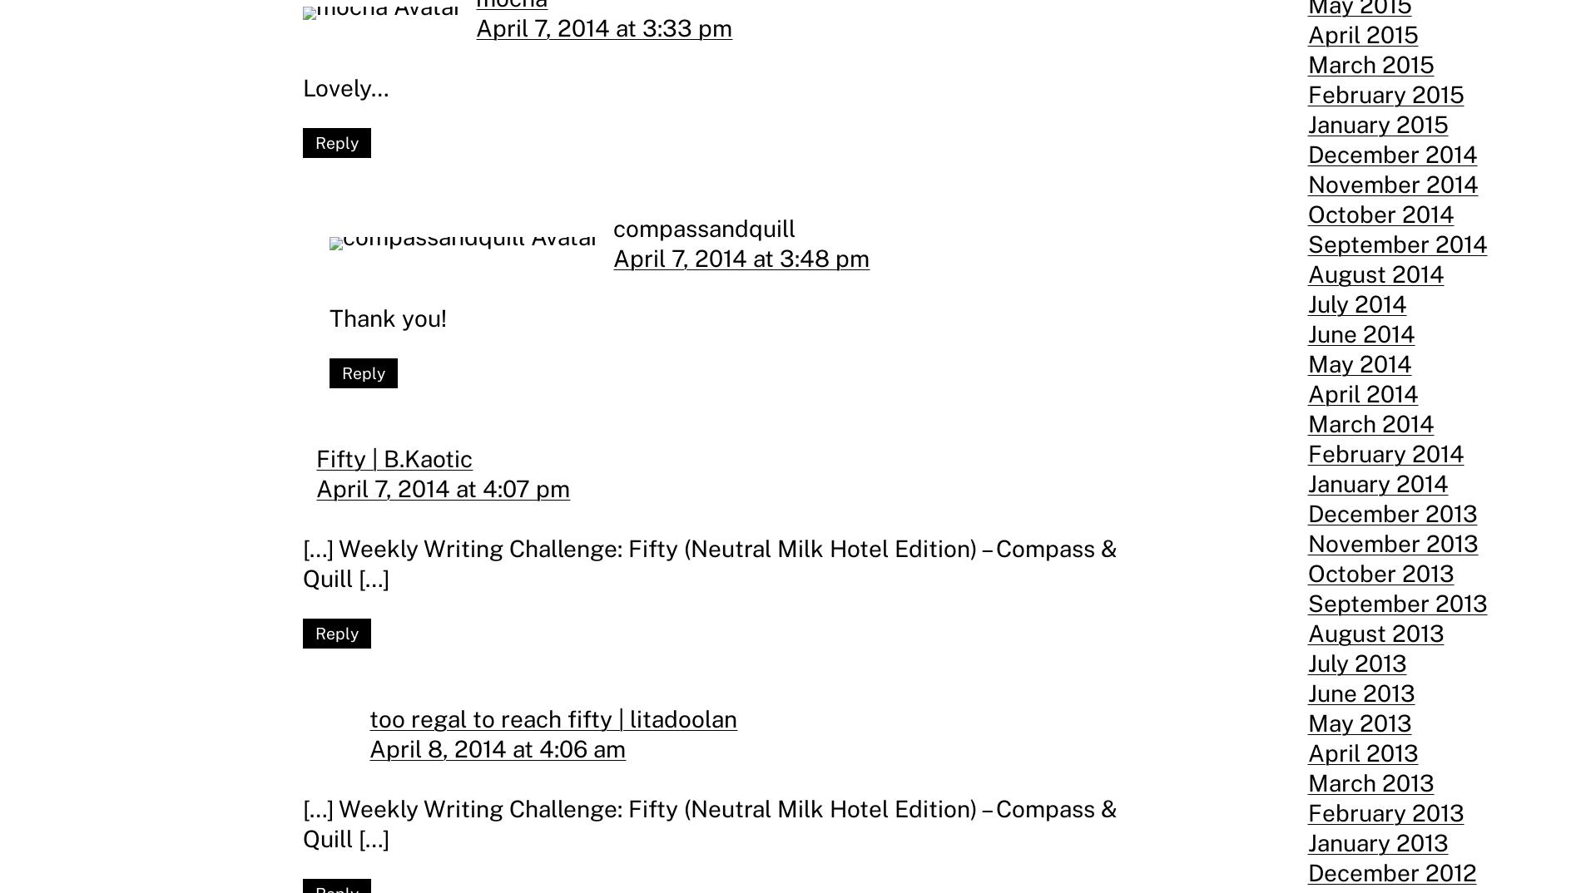 Image resolution: width=1581 pixels, height=893 pixels. Describe the element at coordinates (344, 86) in the screenshot. I see `'Lovely…'` at that location.